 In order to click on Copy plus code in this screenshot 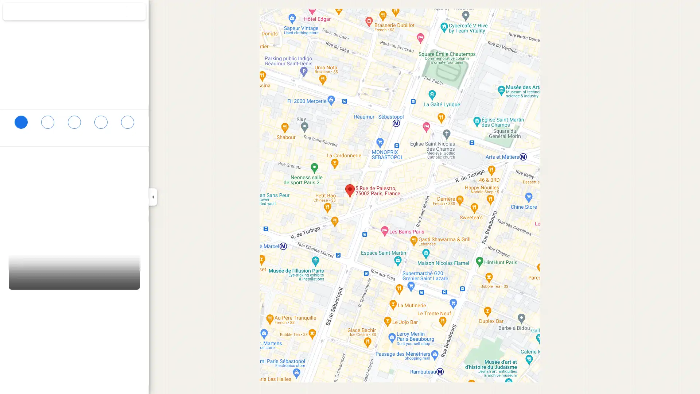, I will do `click(120, 174)`.